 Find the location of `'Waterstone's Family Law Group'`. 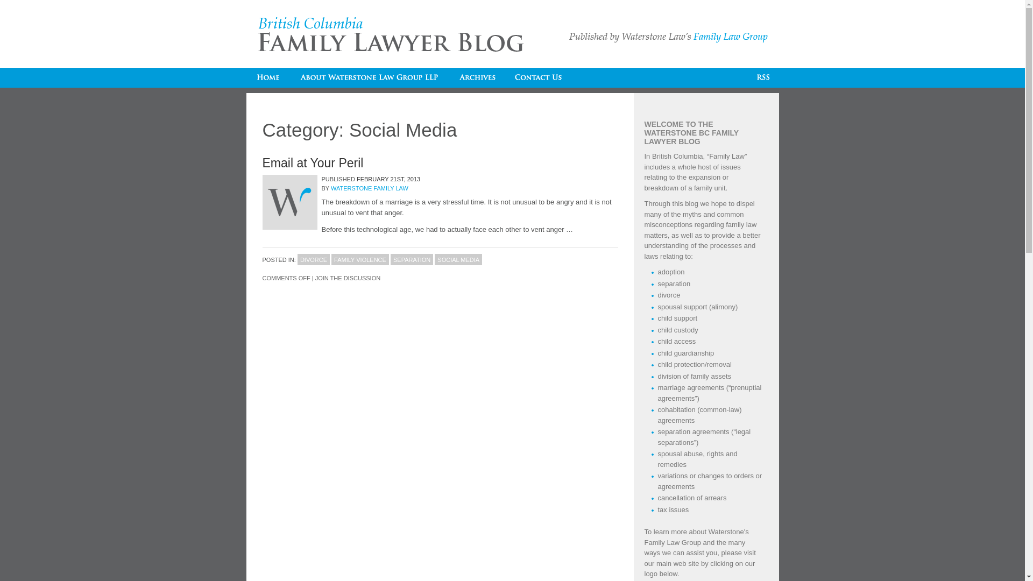

'Waterstone's Family Law Group' is located at coordinates (697, 537).